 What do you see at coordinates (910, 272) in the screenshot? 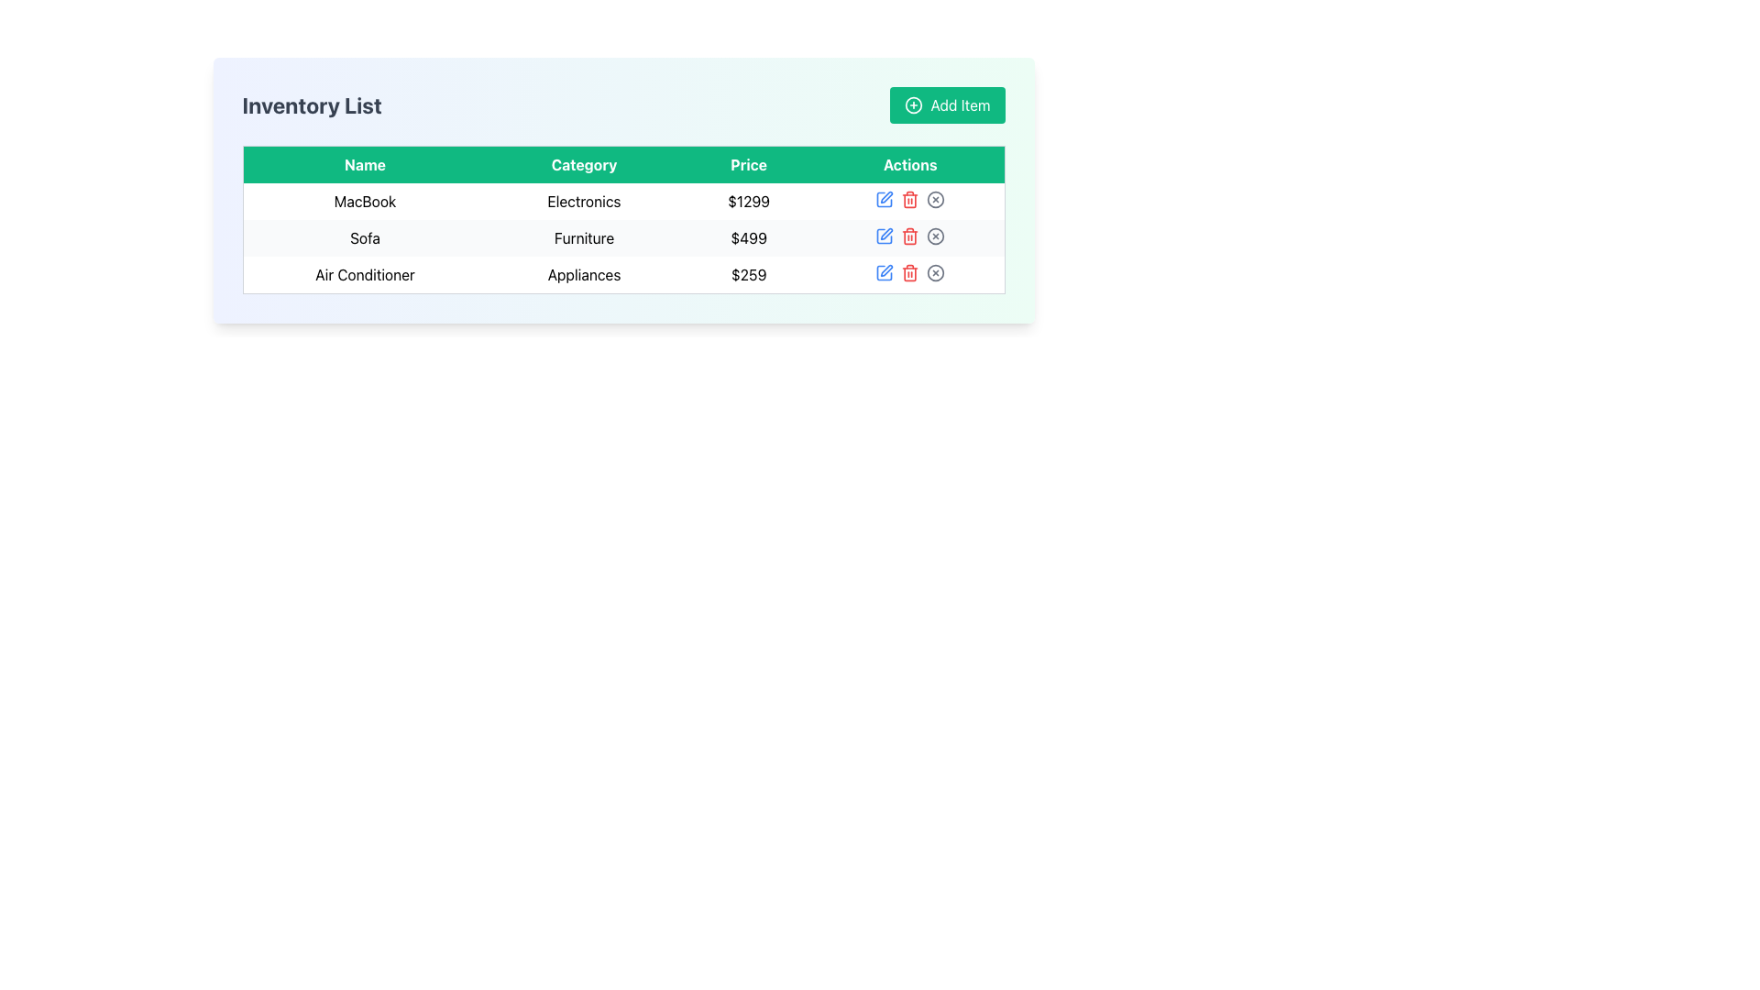
I see `the red trash can icon located in the actions column of the table aligned with the 'Air Conditioner' row` at bounding box center [910, 272].